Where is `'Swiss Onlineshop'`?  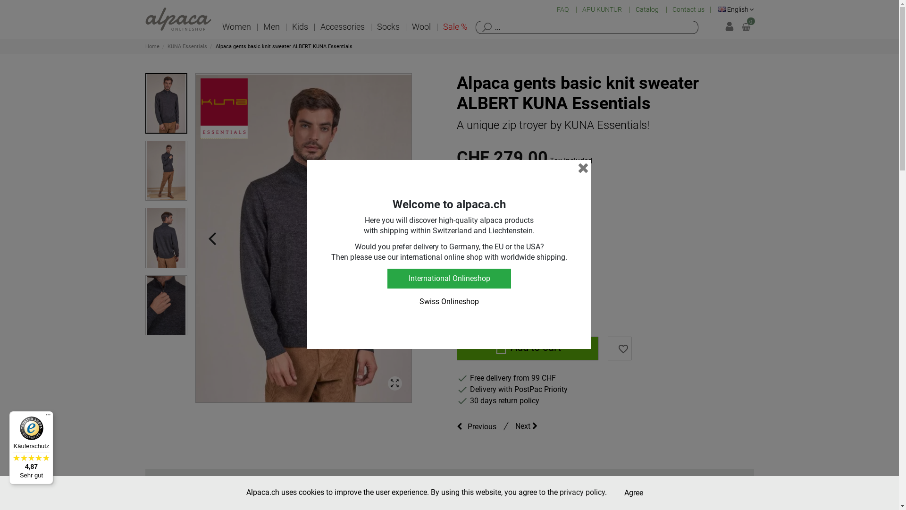
'Swiss Onlineshop' is located at coordinates (387, 302).